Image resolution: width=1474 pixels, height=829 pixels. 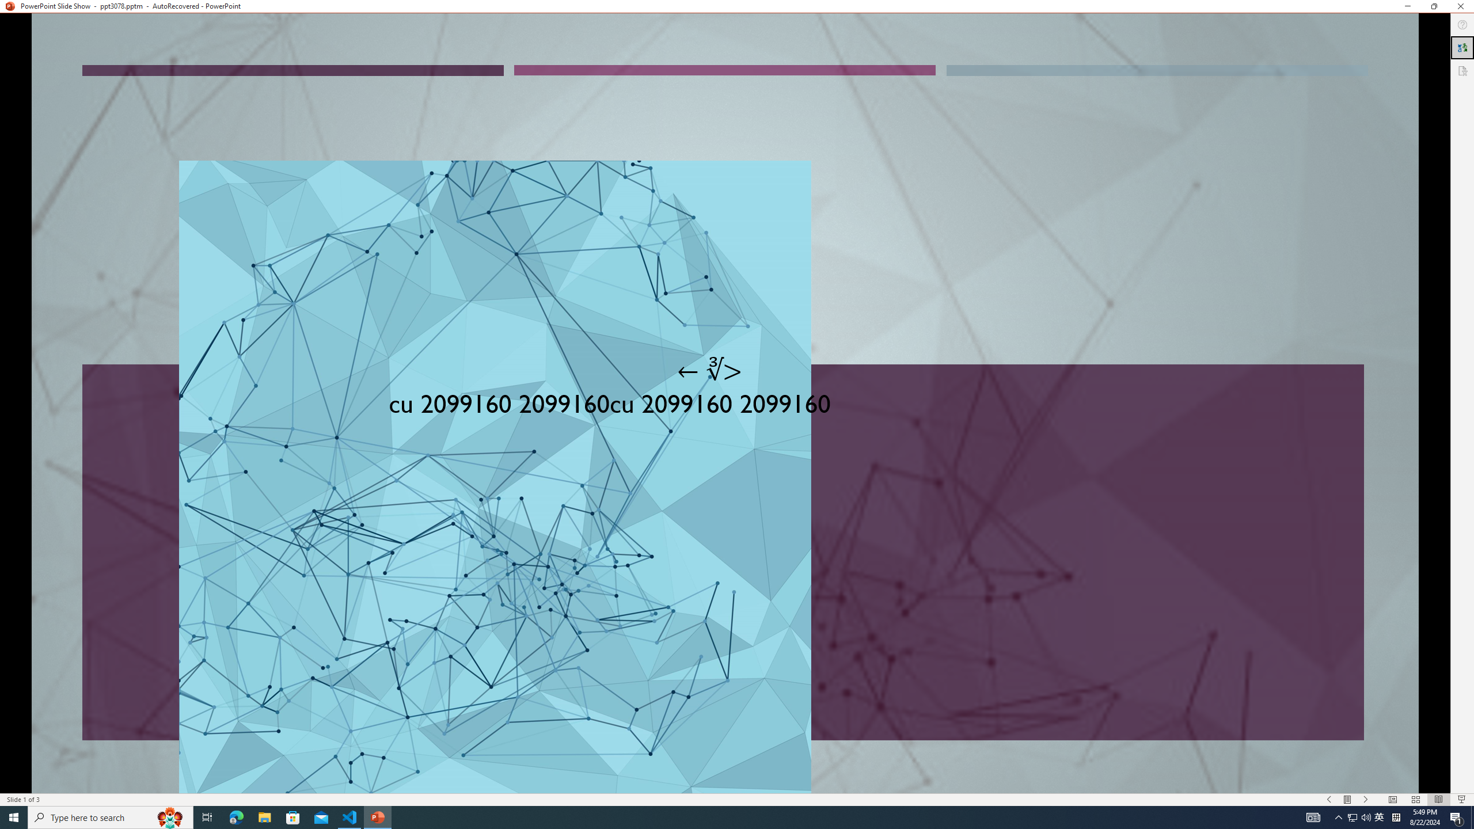 What do you see at coordinates (1462, 800) in the screenshot?
I see `'Slide Show'` at bounding box center [1462, 800].